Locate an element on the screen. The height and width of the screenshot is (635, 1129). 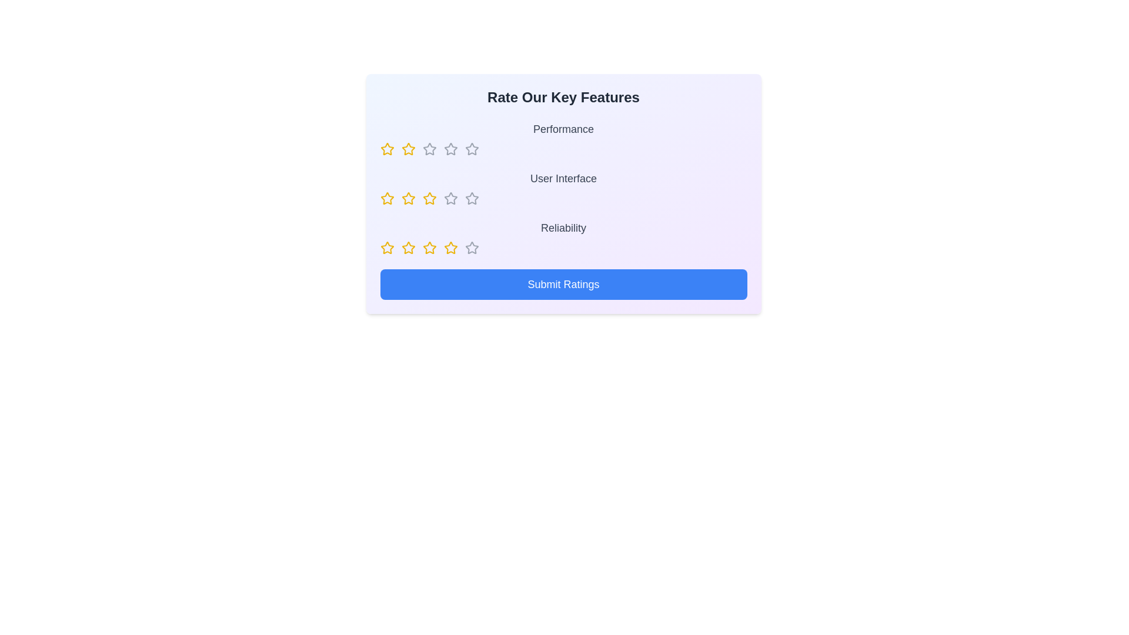
the rating for a feature to 4 stars is located at coordinates (450, 149).